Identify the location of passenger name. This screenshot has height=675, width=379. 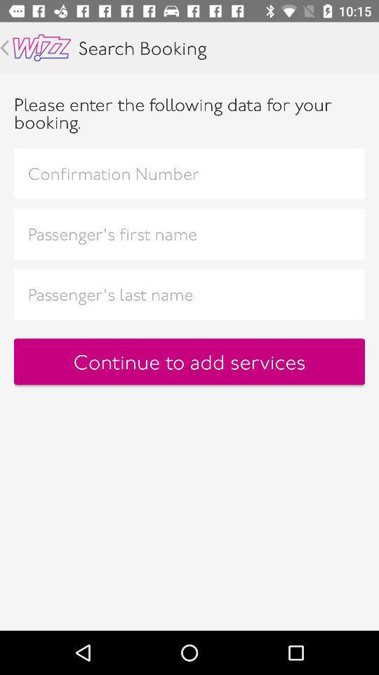
(189, 233).